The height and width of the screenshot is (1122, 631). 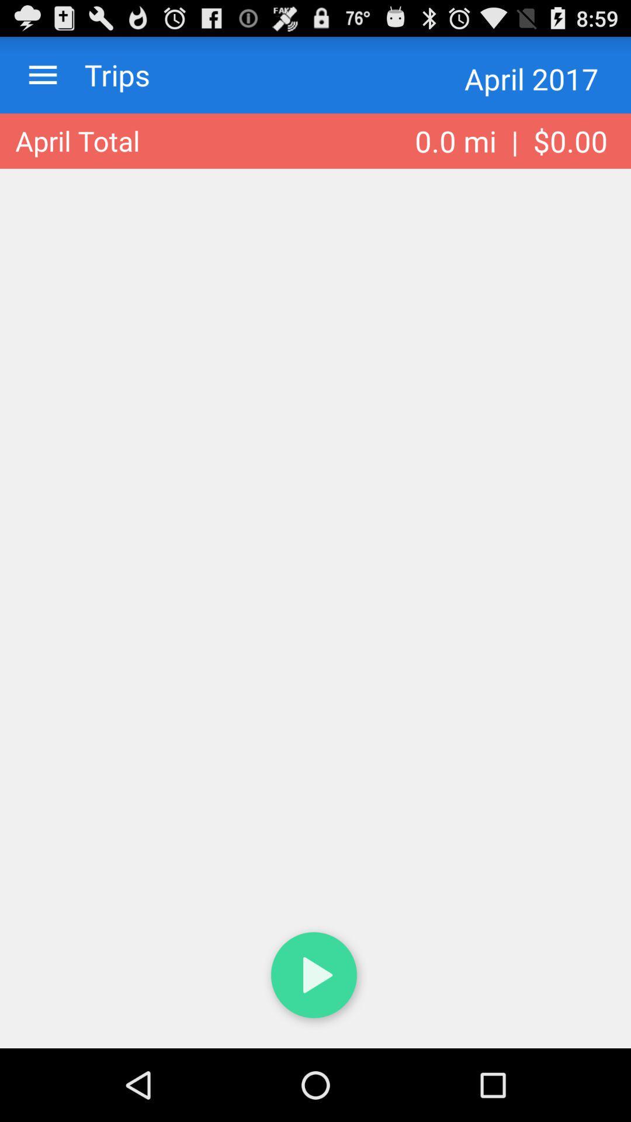 I want to click on button, so click(x=315, y=978).